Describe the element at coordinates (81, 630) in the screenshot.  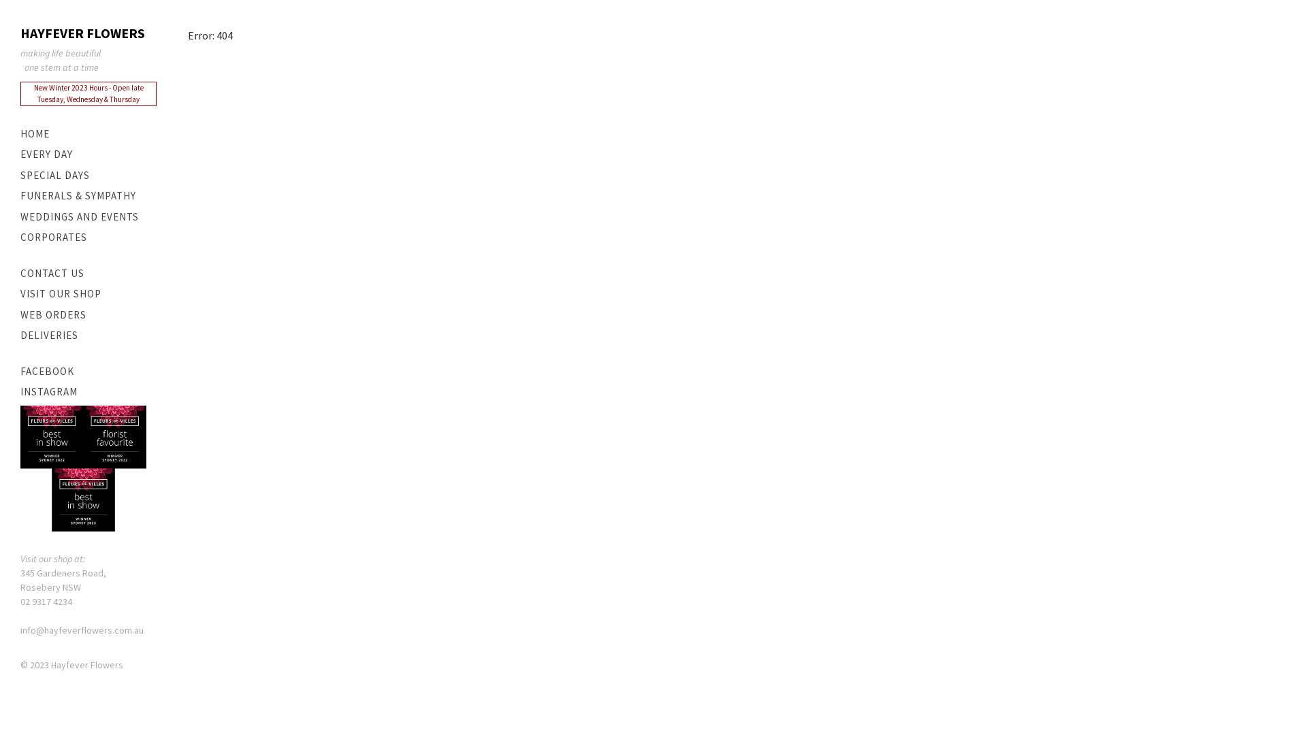
I see `'info@hayfeverflowers.com.au'` at that location.